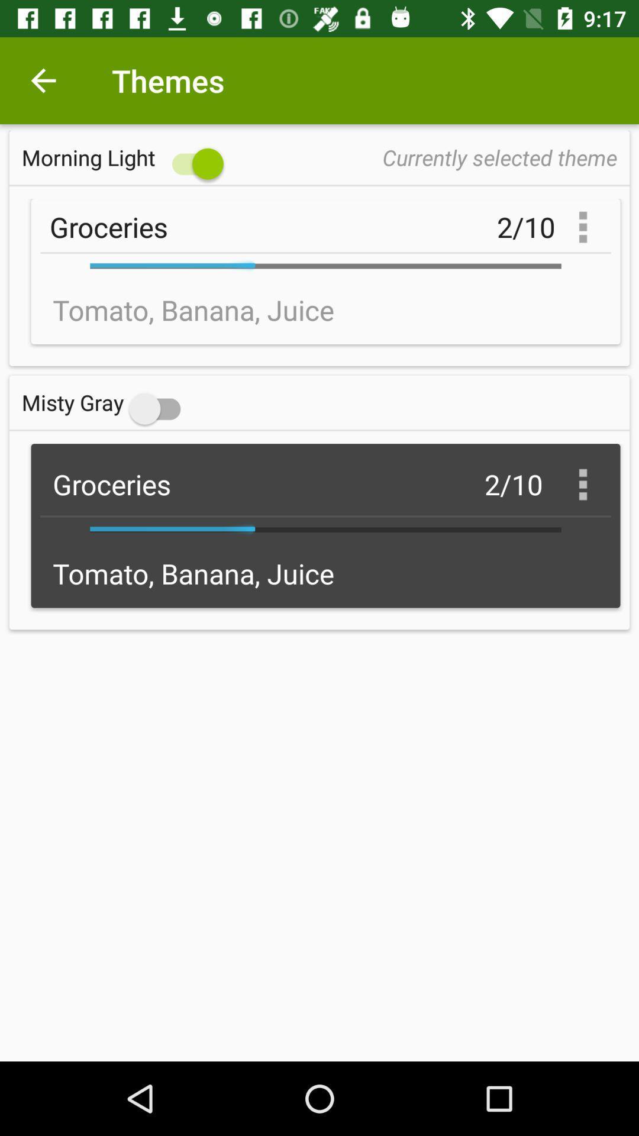 The image size is (639, 1136). I want to click on the icon three dot, so click(582, 485).